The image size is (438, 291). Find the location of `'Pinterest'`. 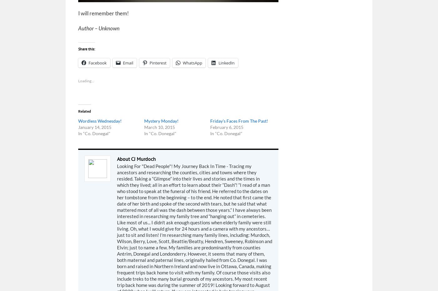

'Pinterest' is located at coordinates (158, 62).